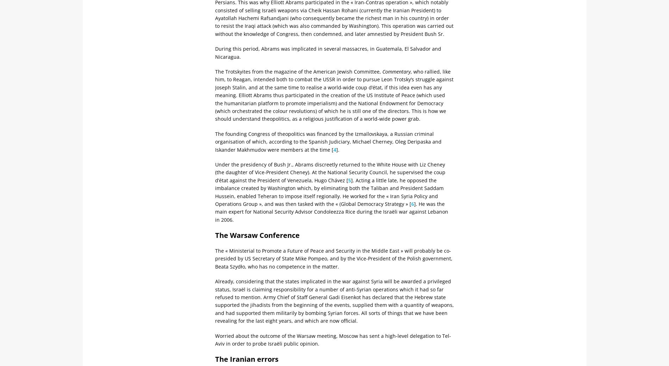 Image resolution: width=669 pixels, height=366 pixels. Describe the element at coordinates (327, 52) in the screenshot. I see `'During this period, Abrams was implicated in several massacres, in Guatemala, El Salvador and Nicaragua.'` at that location.